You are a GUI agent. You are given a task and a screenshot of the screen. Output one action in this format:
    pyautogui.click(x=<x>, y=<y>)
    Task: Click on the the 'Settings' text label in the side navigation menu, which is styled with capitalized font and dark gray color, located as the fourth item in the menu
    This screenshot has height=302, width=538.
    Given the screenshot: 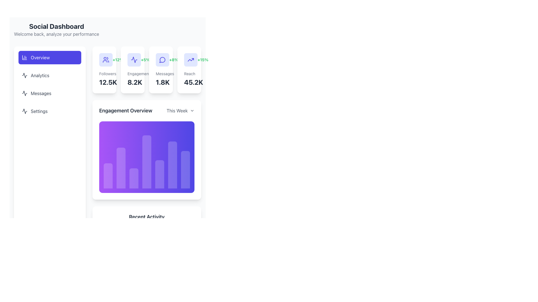 What is the action you would take?
    pyautogui.click(x=39, y=111)
    